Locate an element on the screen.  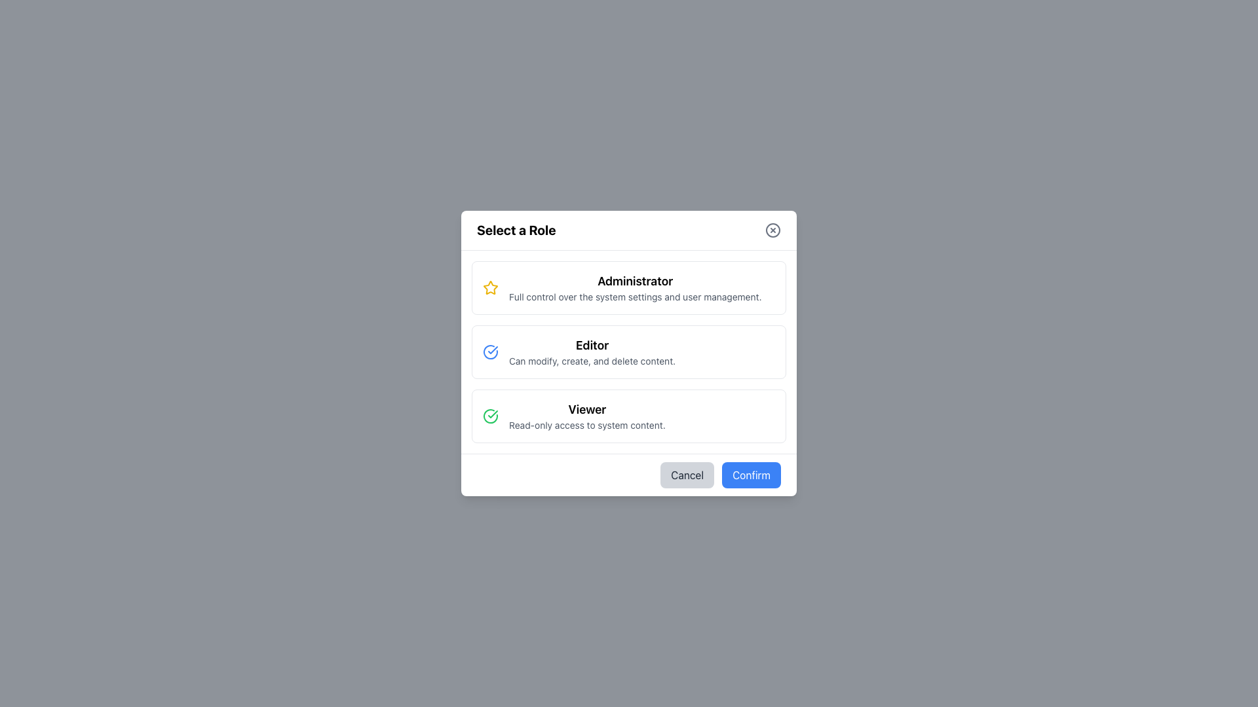
the 'Cancel' button located at the bottom-right section of the form interface, which is the first button from the left is located at coordinates (687, 475).